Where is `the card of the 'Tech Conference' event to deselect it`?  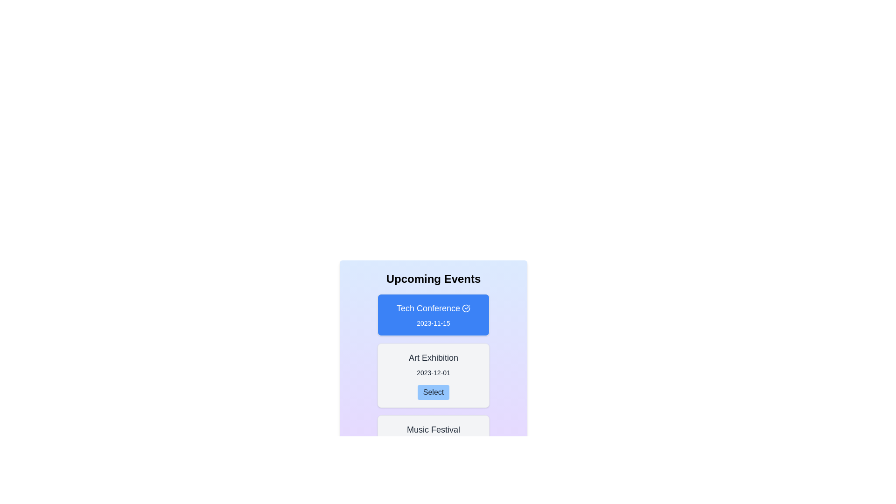
the card of the 'Tech Conference' event to deselect it is located at coordinates (433, 315).